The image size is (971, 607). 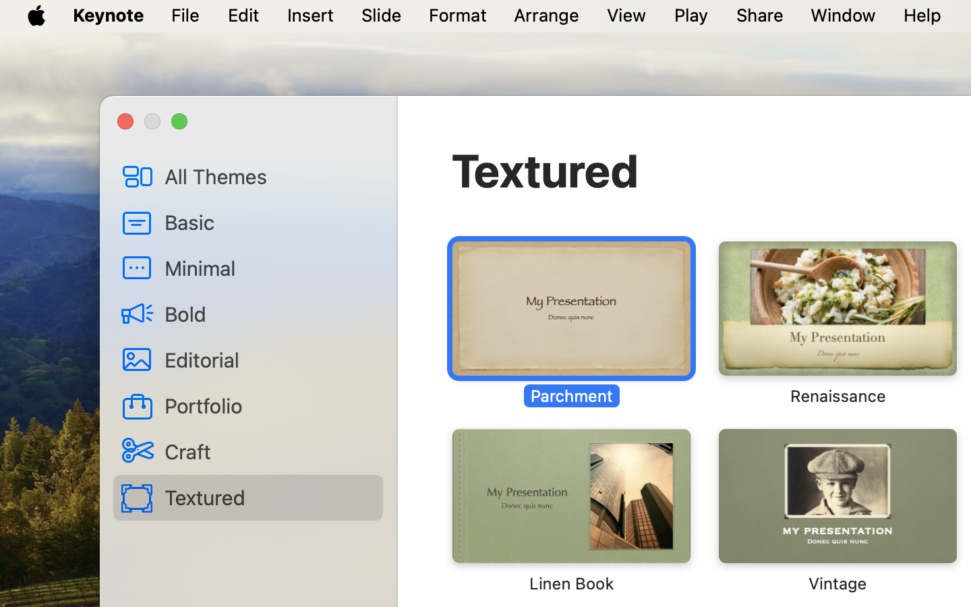 What do you see at coordinates (570, 510) in the screenshot?
I see `'‎⁨Linen Book⁩'` at bounding box center [570, 510].